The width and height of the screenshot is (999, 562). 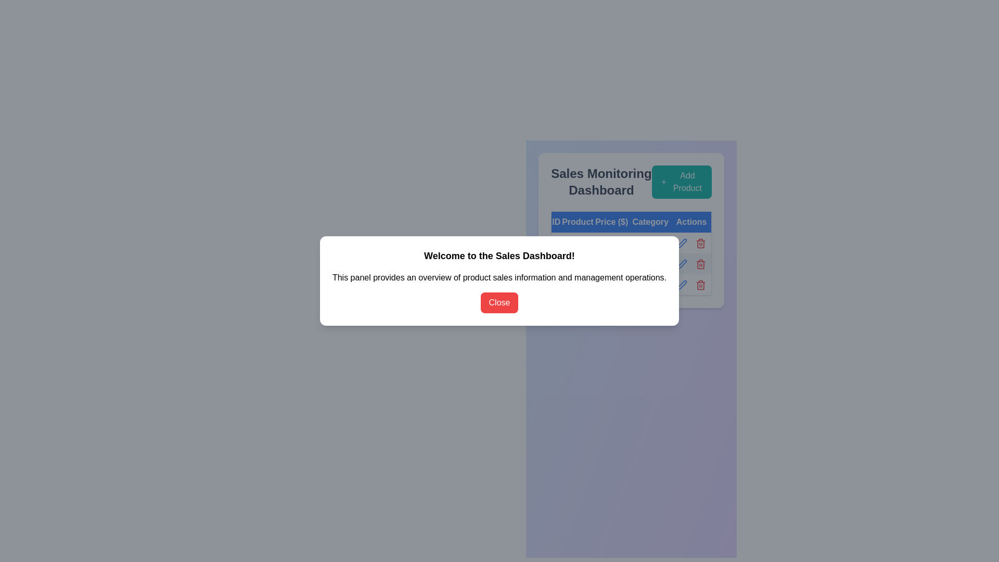 What do you see at coordinates (682, 263) in the screenshot?
I see `the pen icon located under the 'Actions' column in the dashboard to initiate editing for the associated entry` at bounding box center [682, 263].